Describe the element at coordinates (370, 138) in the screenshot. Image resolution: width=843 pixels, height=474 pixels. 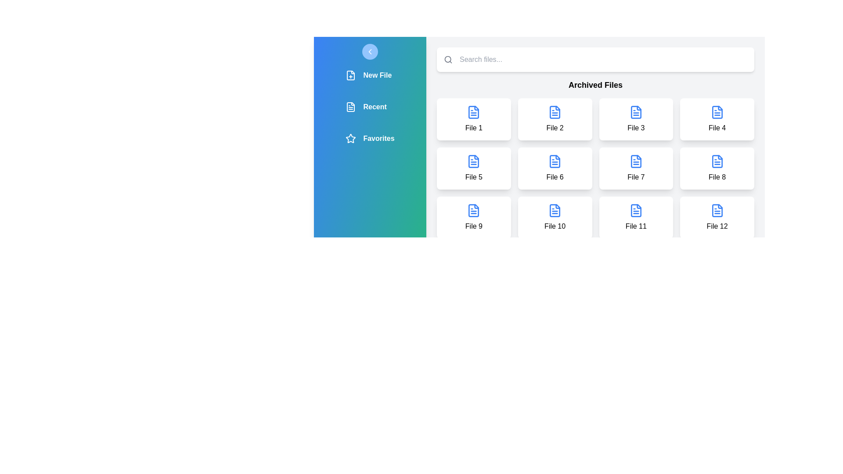
I see `the navigation item labeled Favorites to see its hover effect` at that location.